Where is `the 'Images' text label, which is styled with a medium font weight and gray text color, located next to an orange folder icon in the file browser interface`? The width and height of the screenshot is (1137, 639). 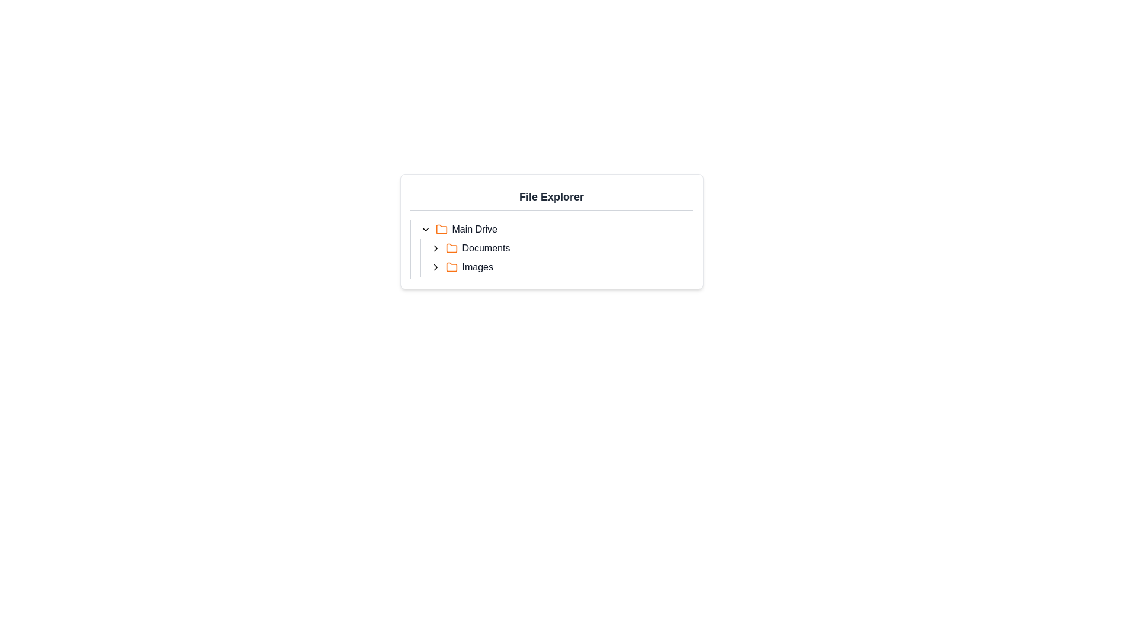
the 'Images' text label, which is styled with a medium font weight and gray text color, located next to an orange folder icon in the file browser interface is located at coordinates (477, 267).